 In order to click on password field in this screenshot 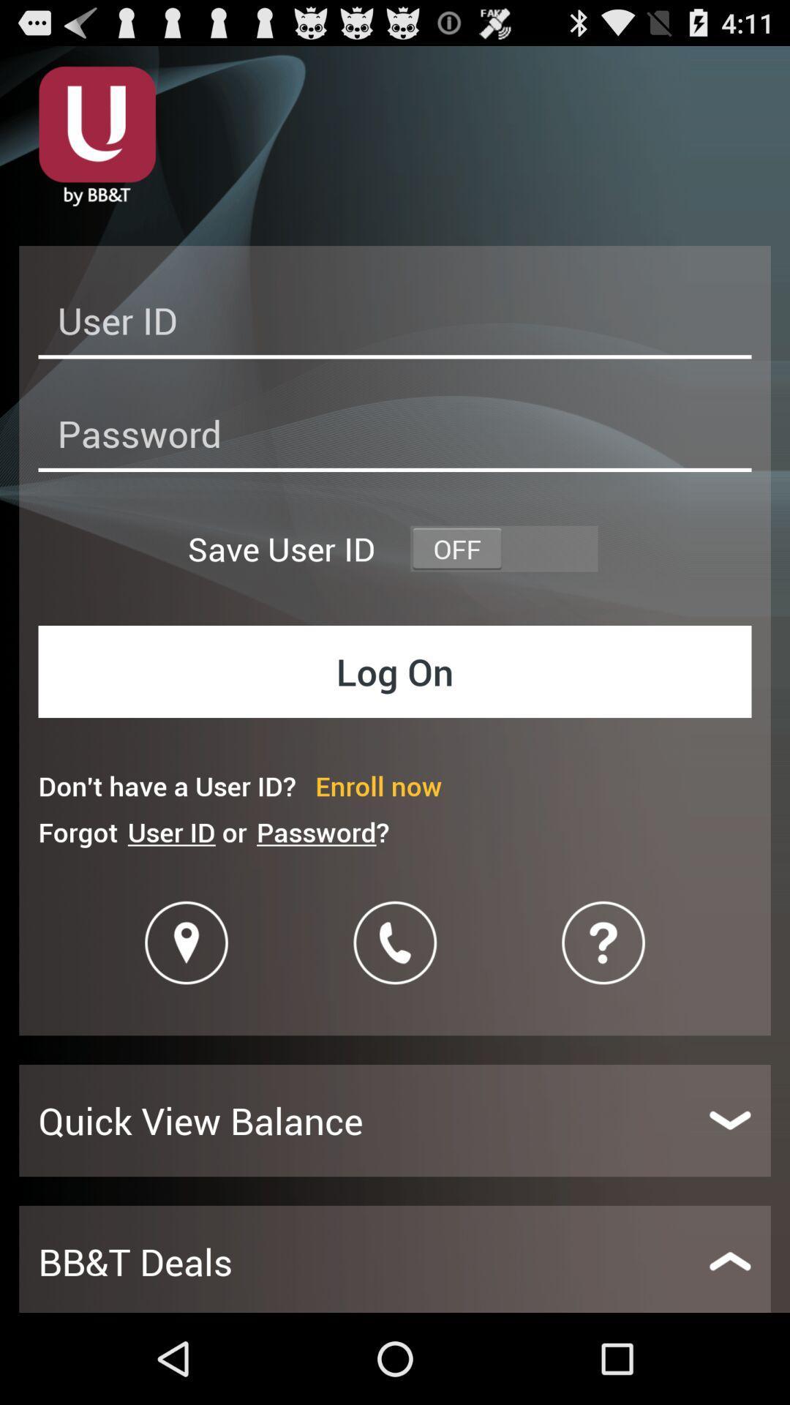, I will do `click(395, 438)`.